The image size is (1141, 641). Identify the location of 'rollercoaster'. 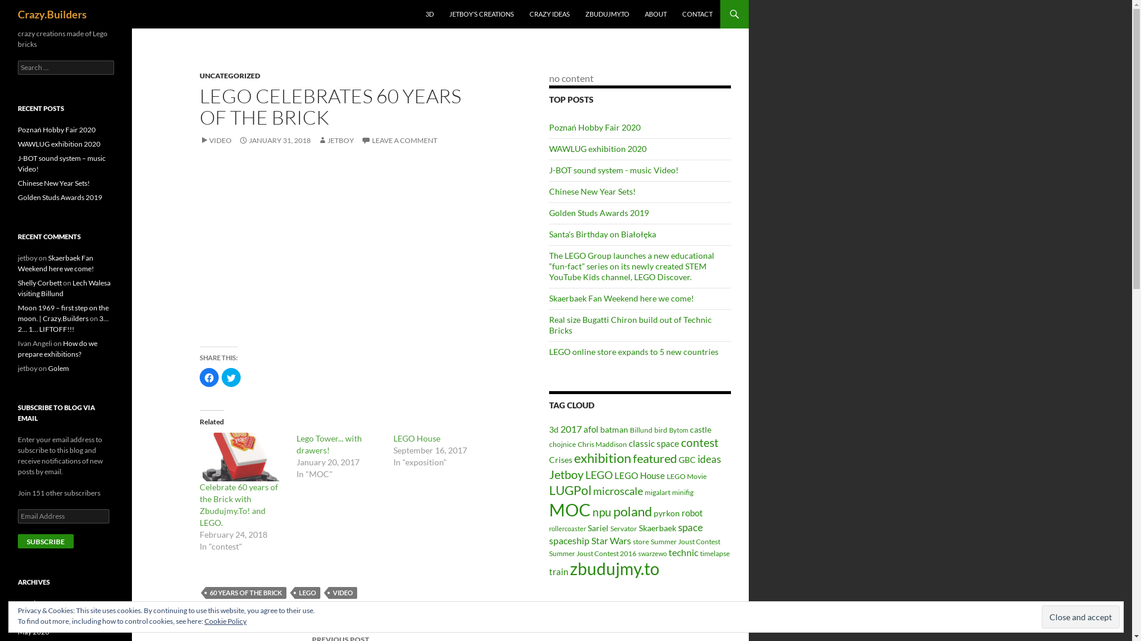
(567, 528).